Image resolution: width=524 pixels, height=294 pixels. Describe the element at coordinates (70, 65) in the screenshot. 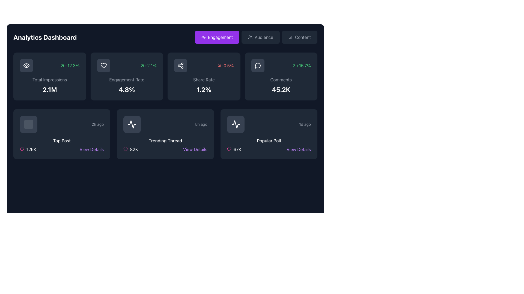

I see `text '+12.3%' which is located next to a green upward arrow icon in the 'Total Impressions' card on the 'Analytics Dashboard'` at that location.